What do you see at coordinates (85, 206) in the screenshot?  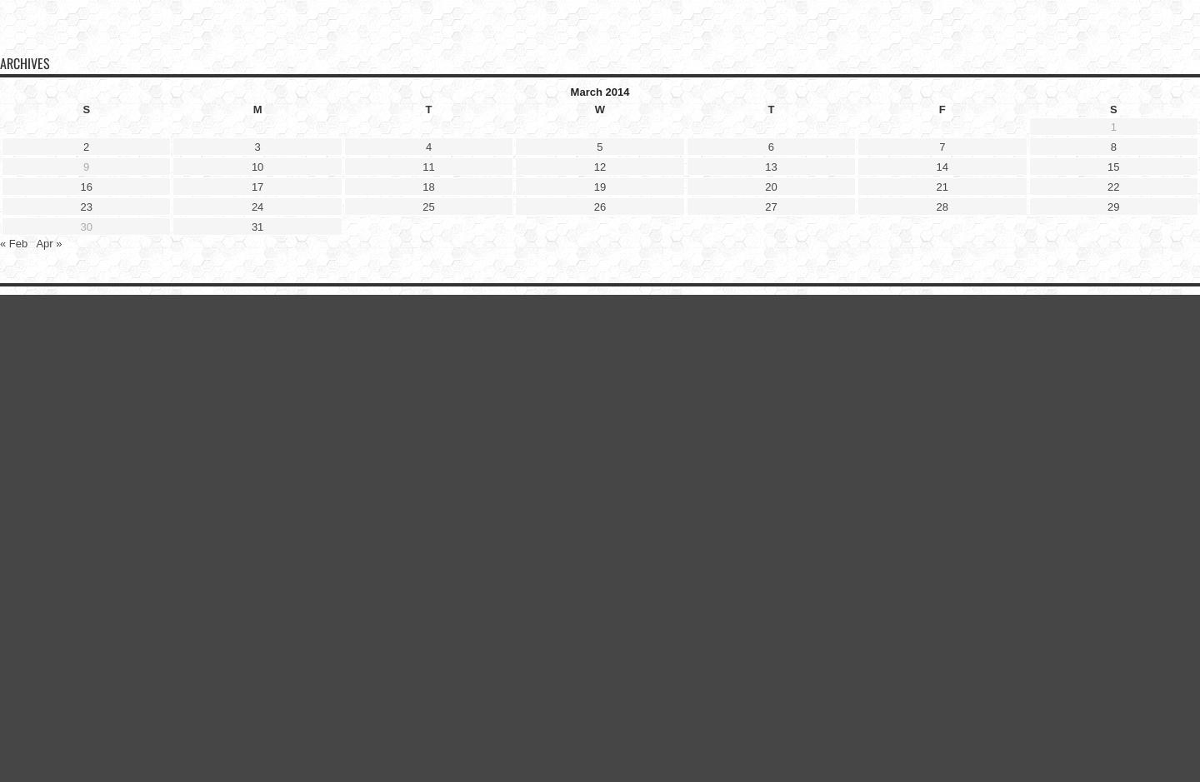 I see `'23'` at bounding box center [85, 206].